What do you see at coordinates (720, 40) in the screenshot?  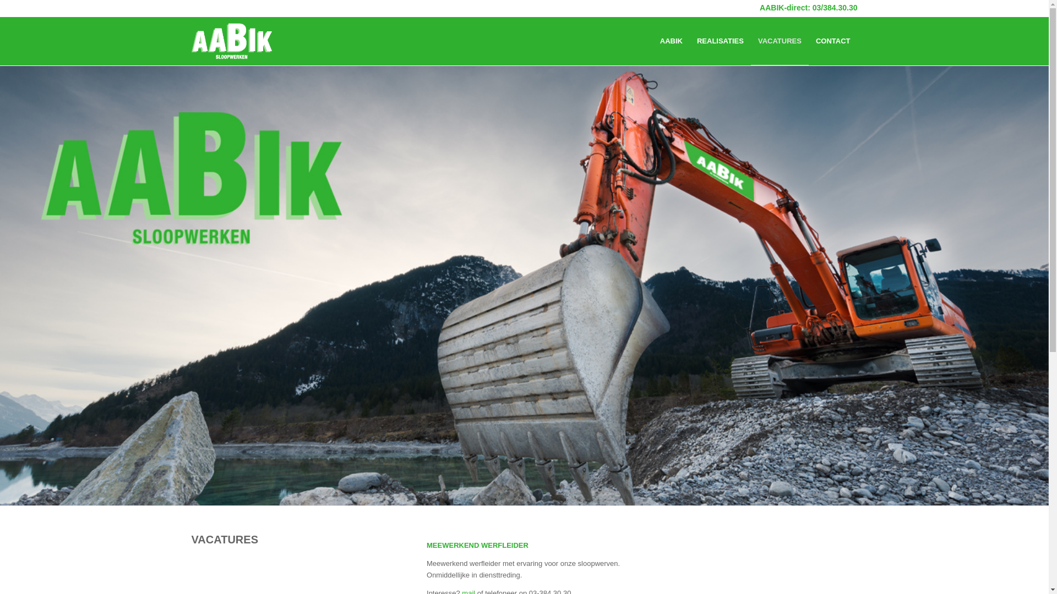 I see `'REALISATIES'` at bounding box center [720, 40].